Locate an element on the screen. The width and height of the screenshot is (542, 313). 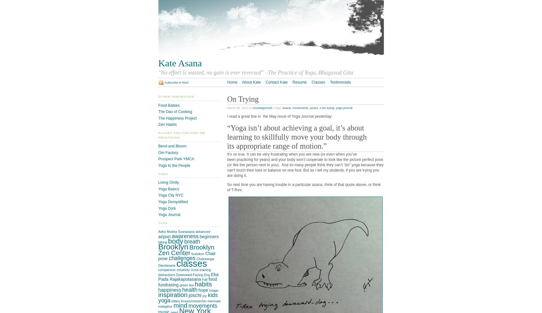
'It’s so true. It can be very frustrating when you are new (or even when you’ve been practicing for years) and your body won’t cooperate to look like the picture perfect pose (or like the person next to you).  And so many people think they can’t “do” yoga because they can’t touch their toes or balance on one foot. But as I tell my students, if you are trying you are doing it.' is located at coordinates (305, 165).